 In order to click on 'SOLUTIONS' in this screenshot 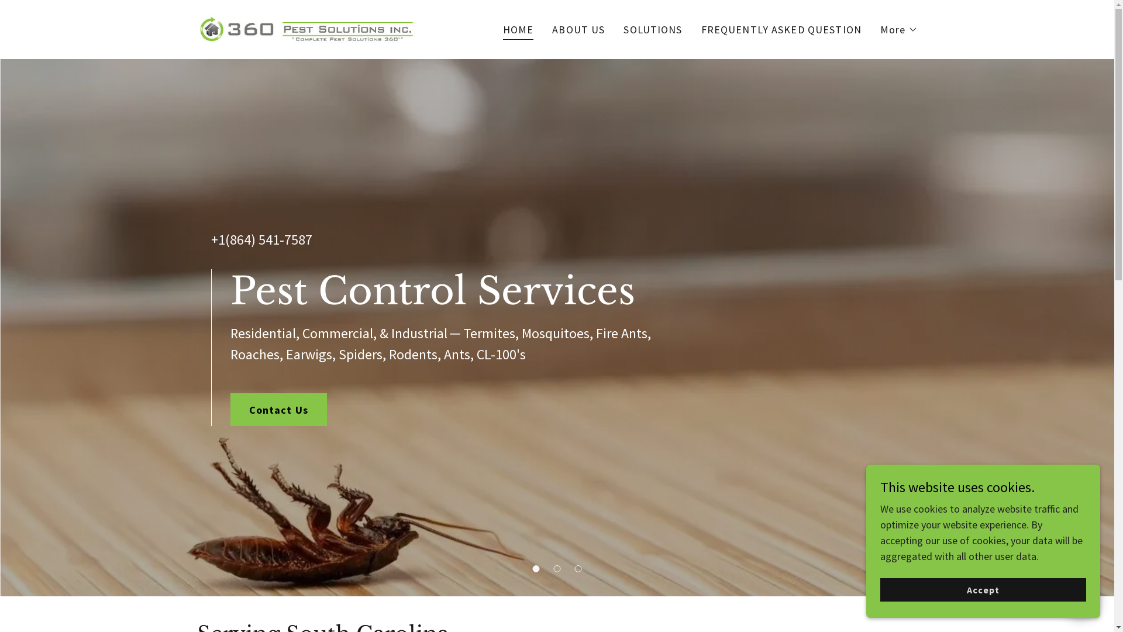, I will do `click(652, 29)`.